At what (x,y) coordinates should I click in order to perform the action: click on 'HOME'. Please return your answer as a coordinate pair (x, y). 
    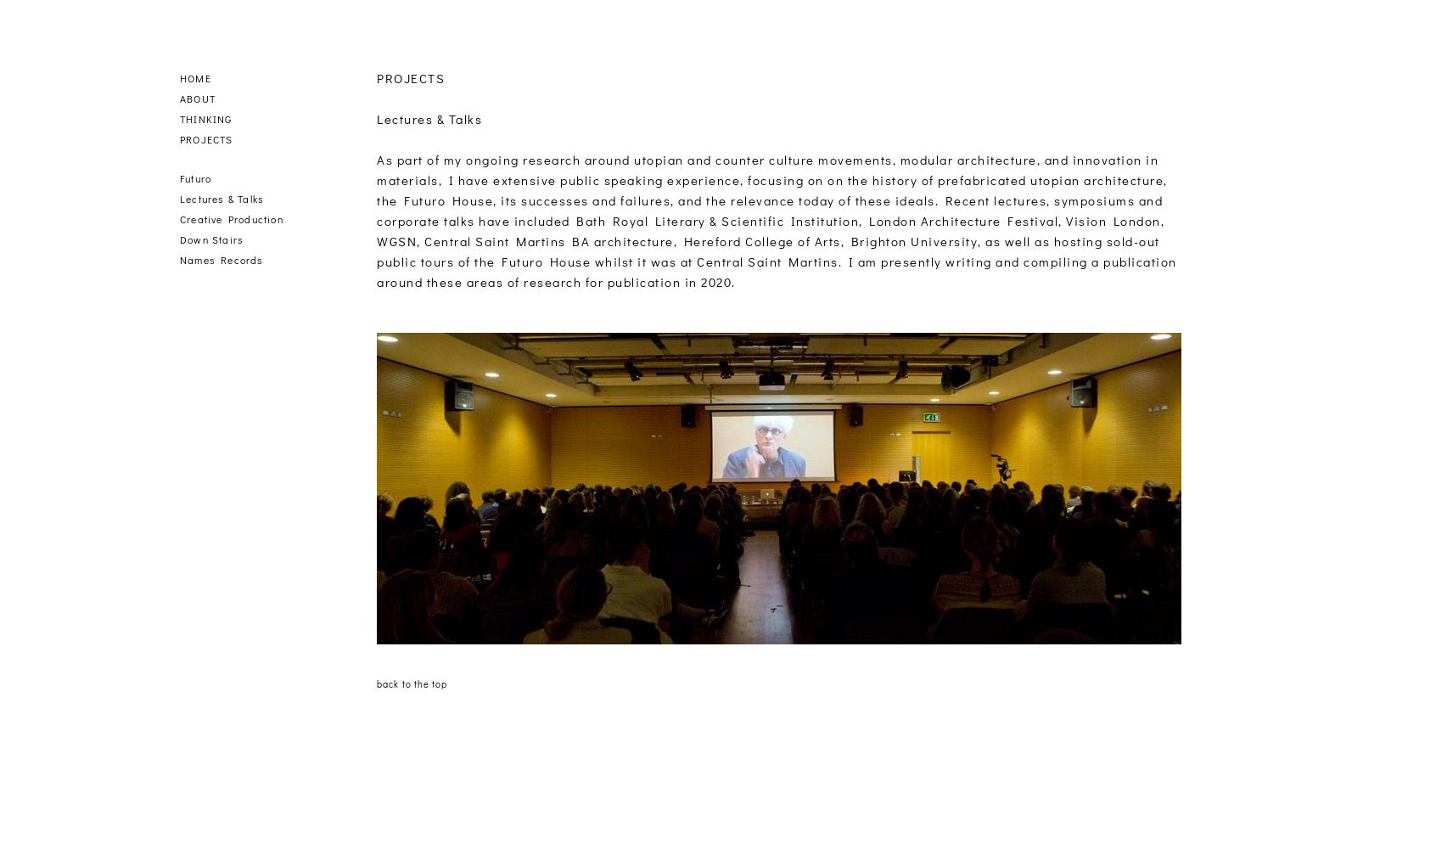
    Looking at the image, I should click on (194, 77).